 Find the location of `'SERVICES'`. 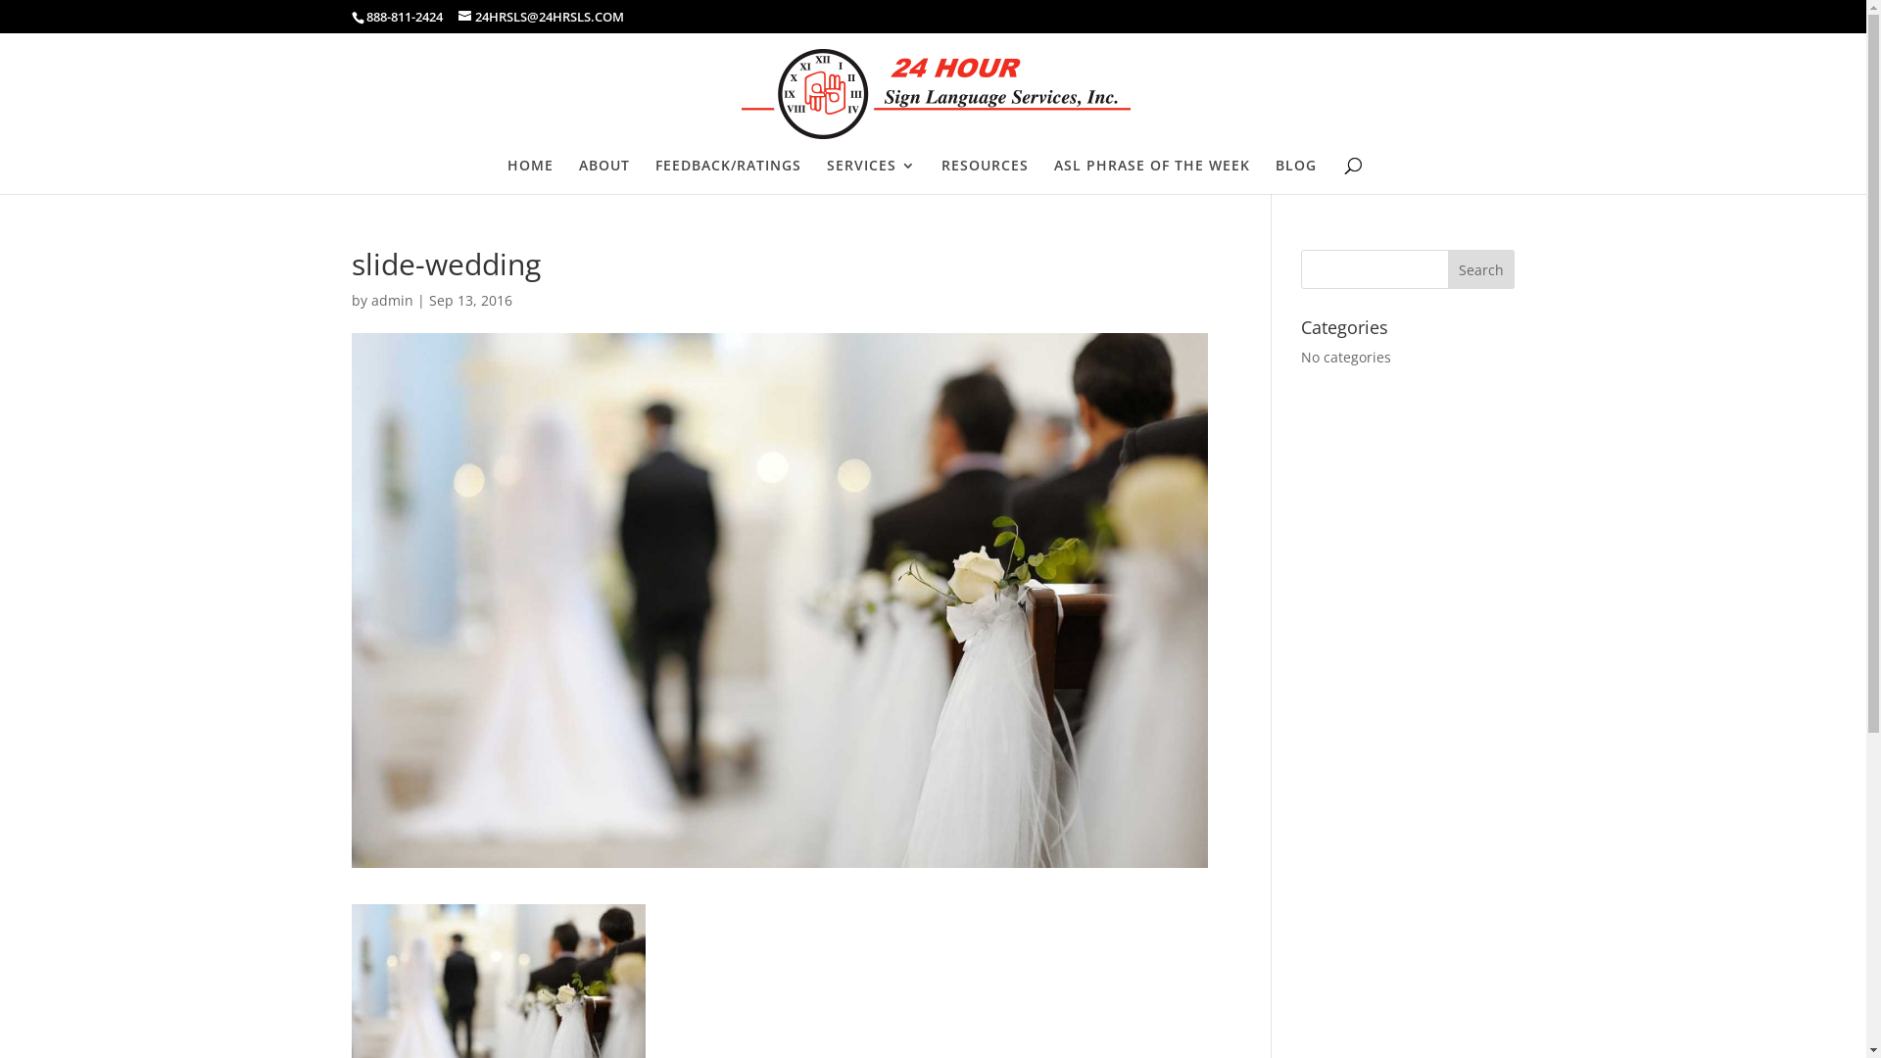

'SERVICES' is located at coordinates (827, 176).